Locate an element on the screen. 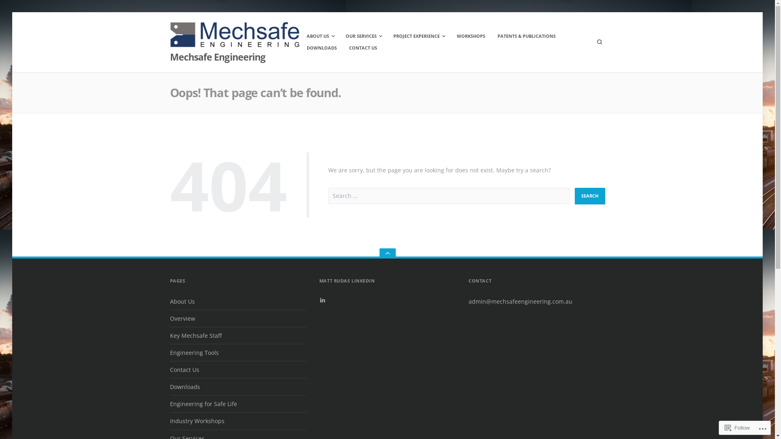 This screenshot has height=439, width=781. 'Downloads' is located at coordinates (185, 386).